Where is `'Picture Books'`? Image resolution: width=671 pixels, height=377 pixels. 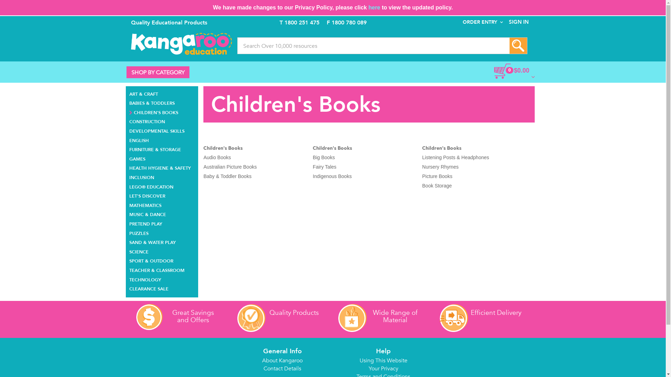 'Picture Books' is located at coordinates (437, 176).